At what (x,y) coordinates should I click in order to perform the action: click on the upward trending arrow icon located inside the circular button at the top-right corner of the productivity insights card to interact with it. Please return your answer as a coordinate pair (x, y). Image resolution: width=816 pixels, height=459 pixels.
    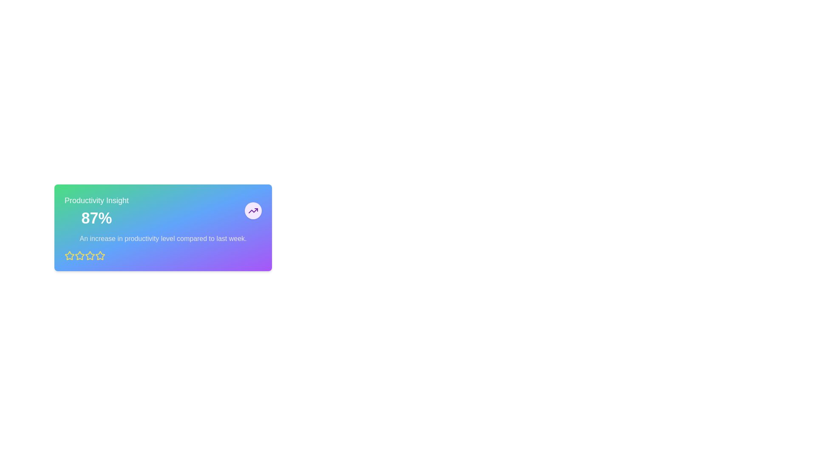
    Looking at the image, I should click on (252, 210).